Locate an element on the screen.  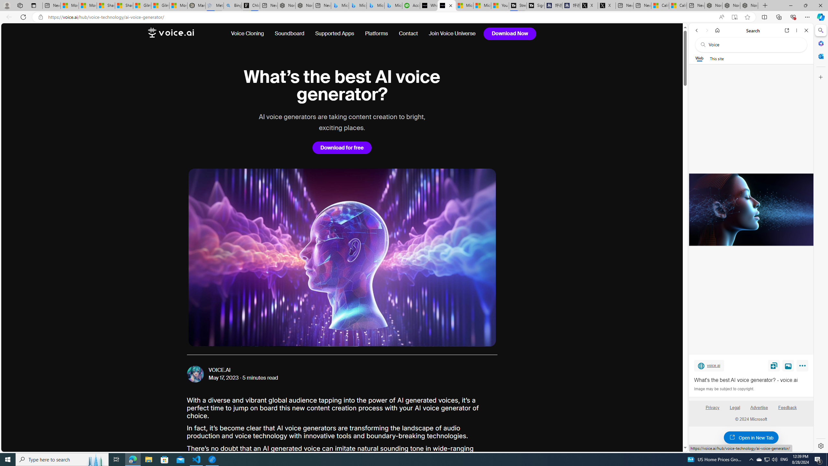
'Legal' is located at coordinates (735, 410).